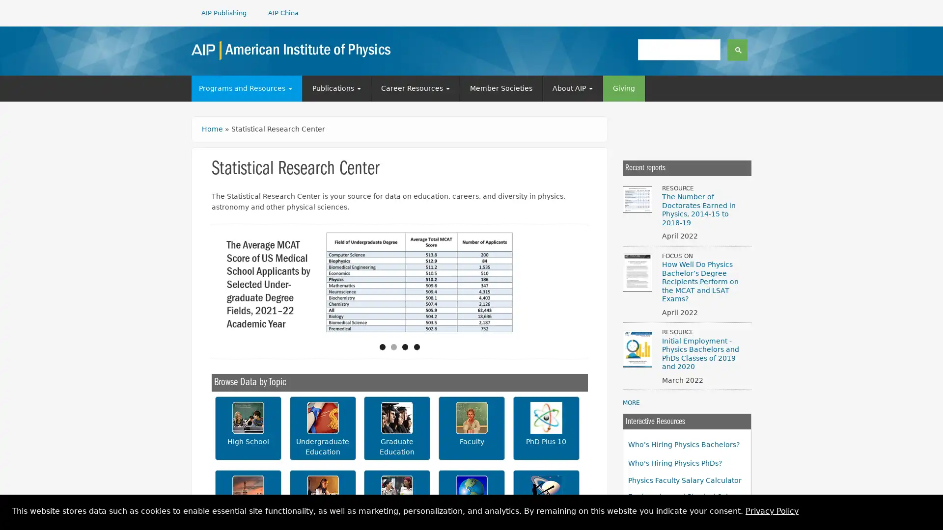  I want to click on search, so click(737, 49).